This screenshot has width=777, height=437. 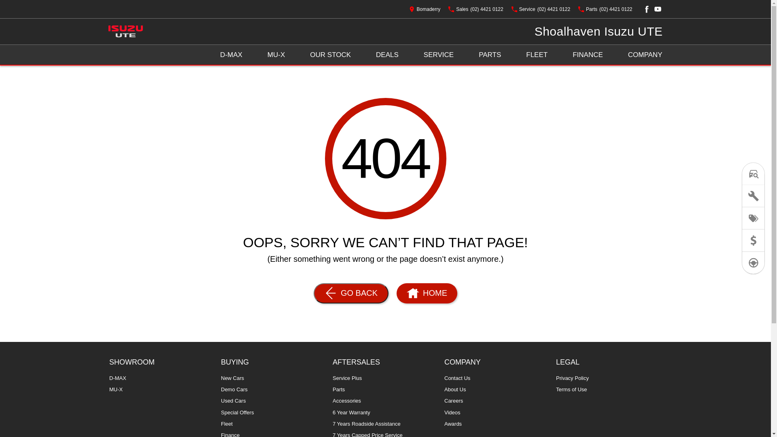 What do you see at coordinates (541, 9) in the screenshot?
I see `'Service` at bounding box center [541, 9].